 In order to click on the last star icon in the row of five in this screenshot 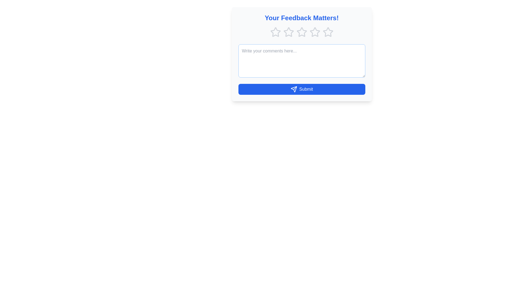, I will do `click(328, 32)`.